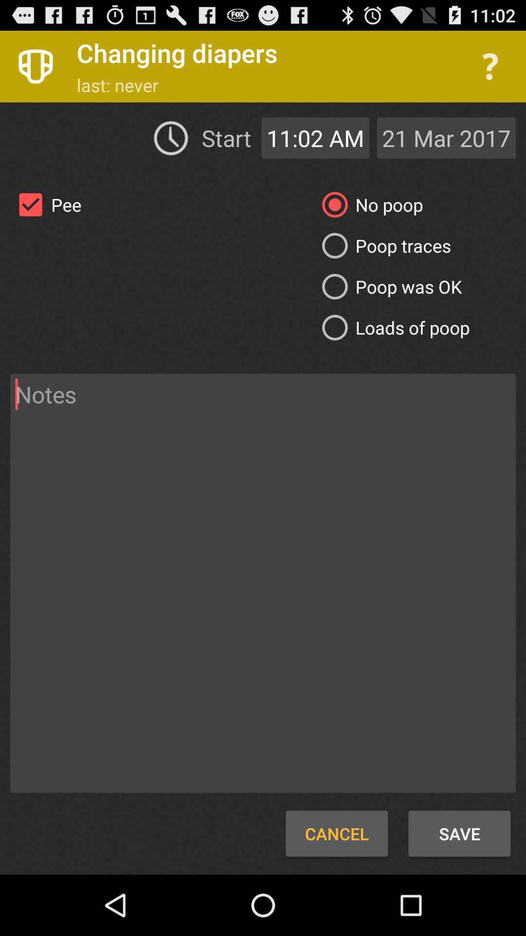  Describe the element at coordinates (382, 246) in the screenshot. I see `poop traces` at that location.